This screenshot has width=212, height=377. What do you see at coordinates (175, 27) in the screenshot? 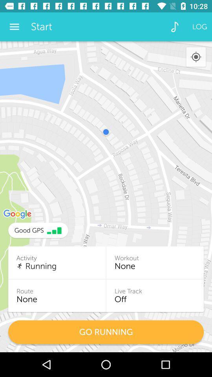
I see `app next to start` at bounding box center [175, 27].